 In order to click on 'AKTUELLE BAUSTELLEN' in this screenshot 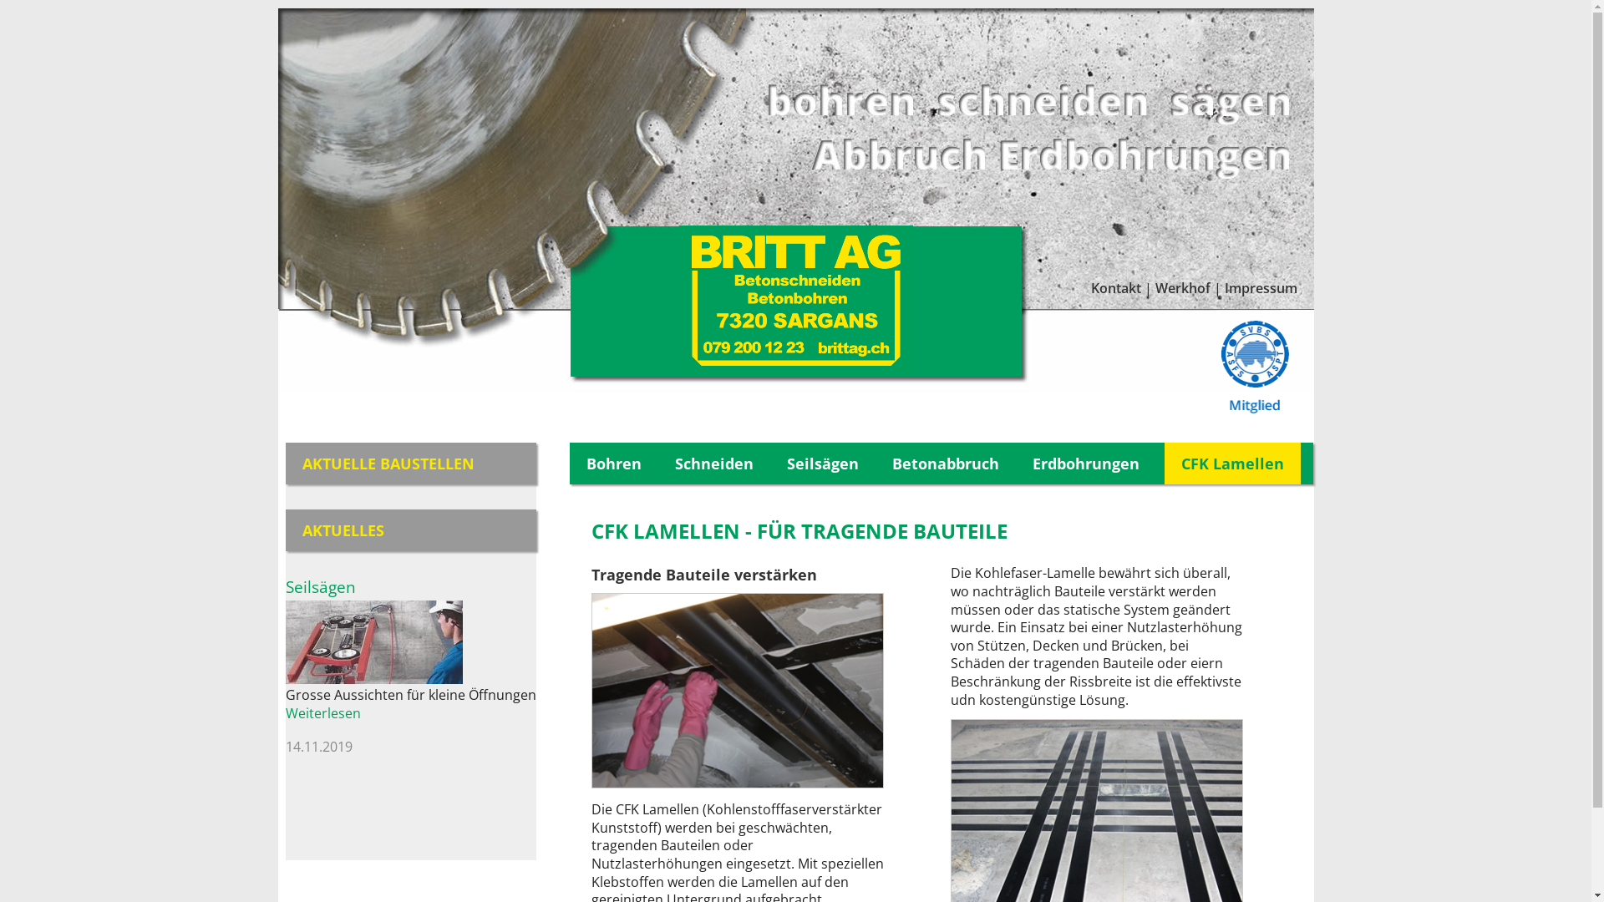, I will do `click(388, 464)`.